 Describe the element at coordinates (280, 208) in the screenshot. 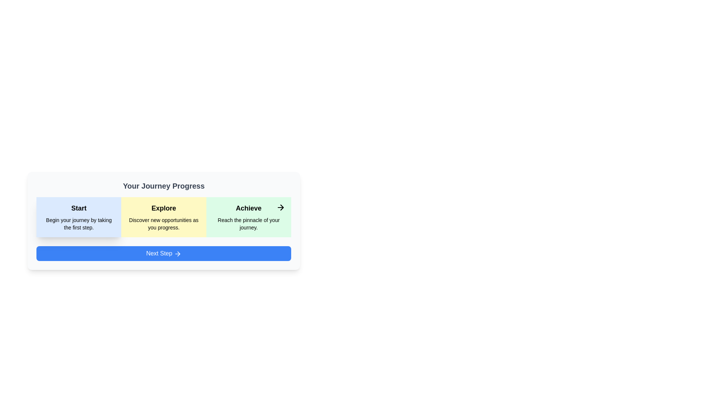

I see `the right-pointing arrow icon located at the top-right corner of the green 'Achieve' card in the 'Your Journey Progress' section` at that location.